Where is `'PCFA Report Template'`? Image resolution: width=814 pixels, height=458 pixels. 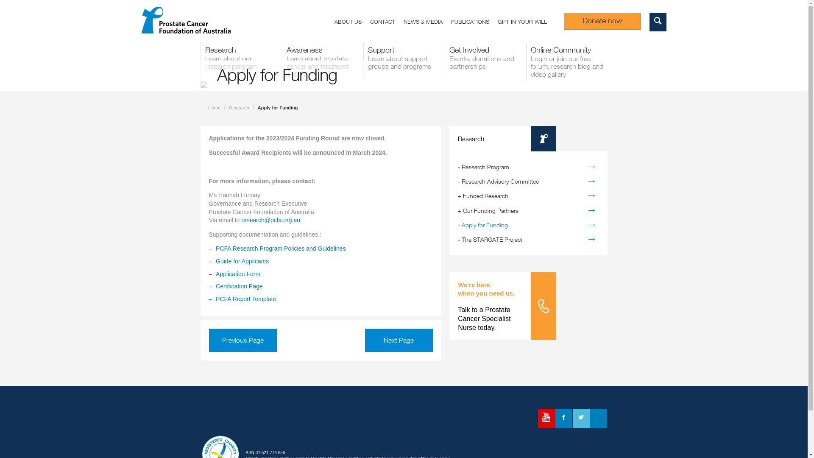 'PCFA Report Template' is located at coordinates (245, 299).